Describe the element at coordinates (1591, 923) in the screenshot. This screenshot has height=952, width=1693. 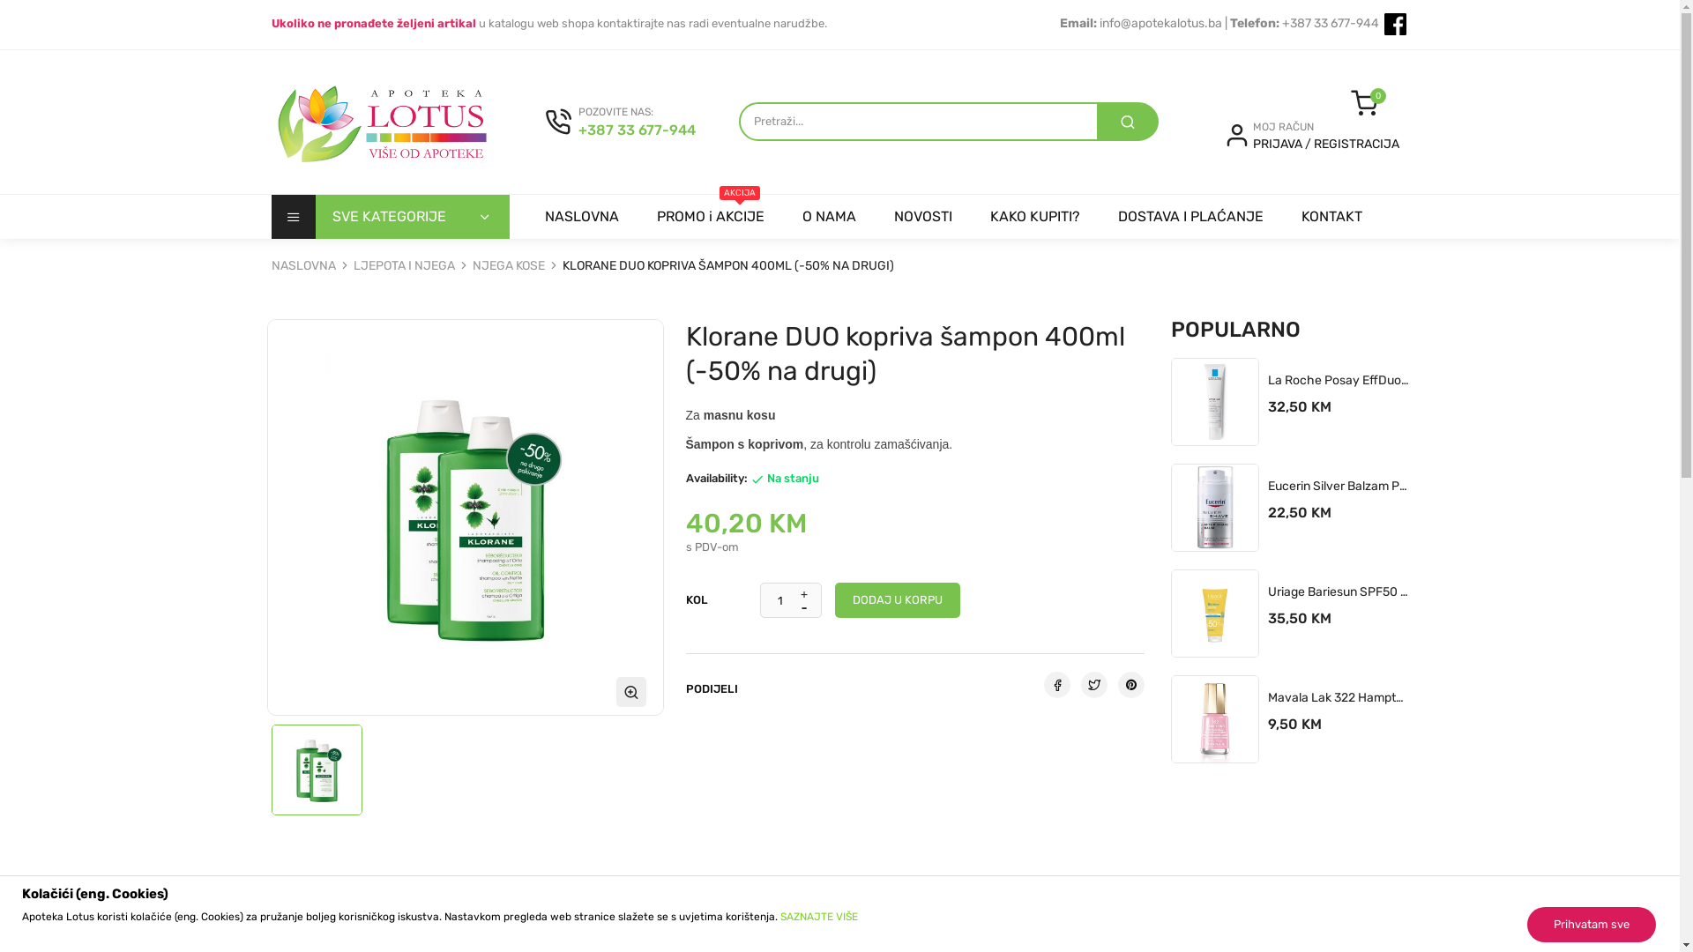
I see `'Prihvatam sve'` at that location.